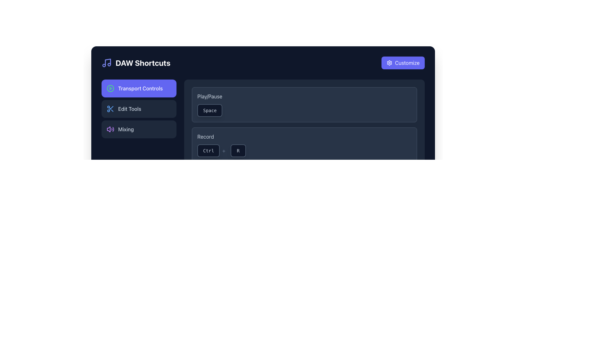 This screenshot has height=345, width=615. Describe the element at coordinates (206, 136) in the screenshot. I see `the 'Record' text label, which is styled in light-gray on a dark background, located in the right-side section of the interface` at that location.